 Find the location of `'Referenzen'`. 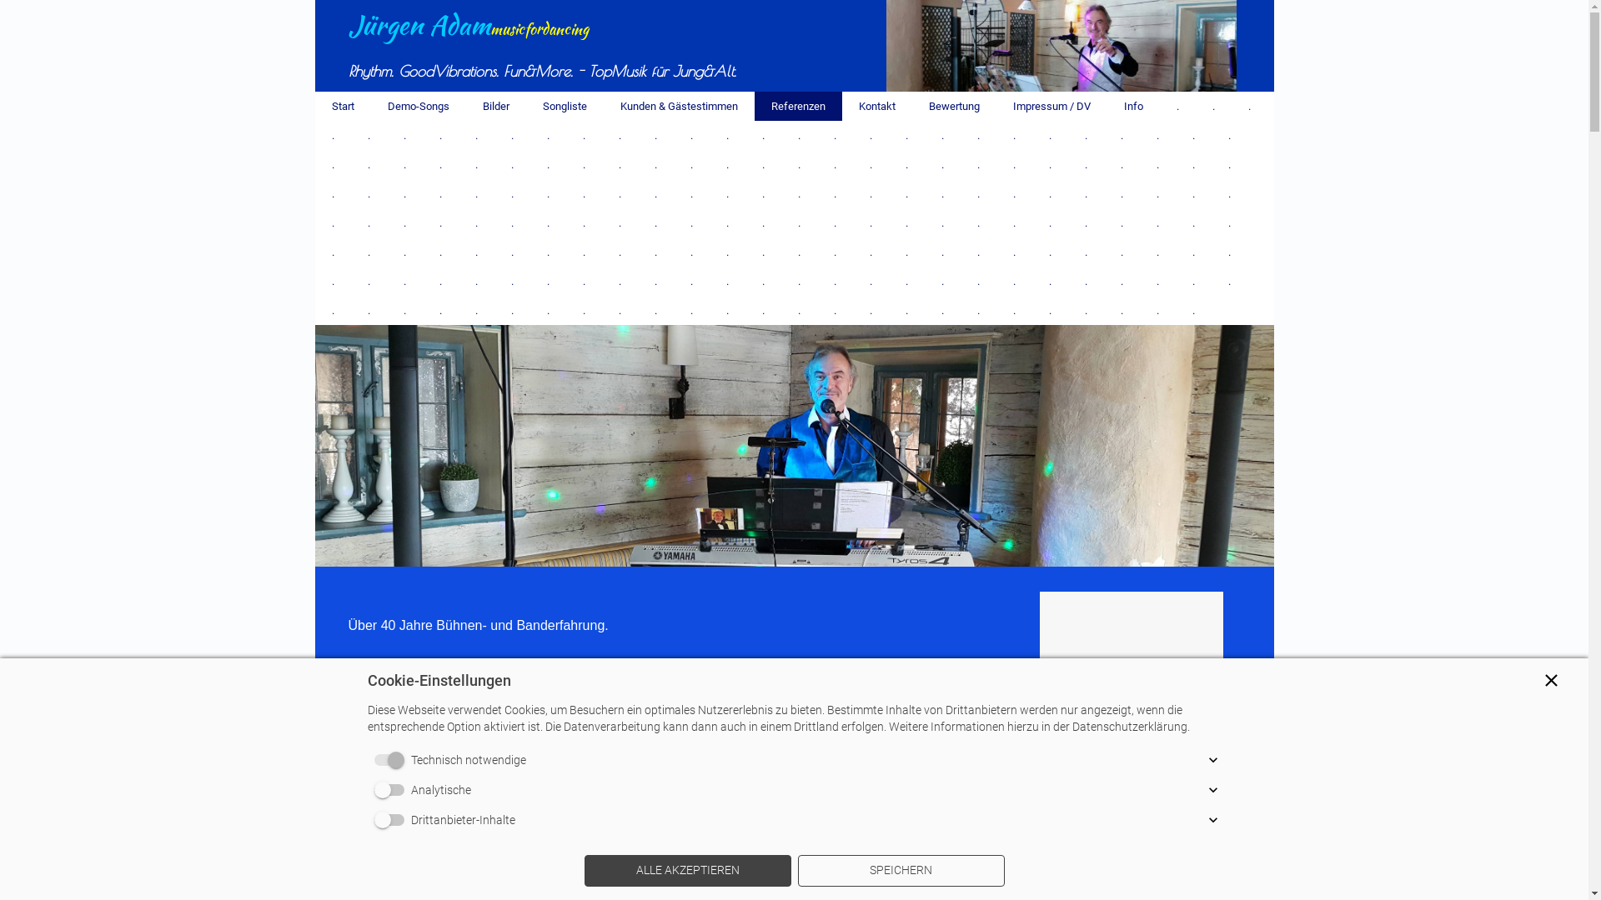

'Referenzen' is located at coordinates (796, 106).